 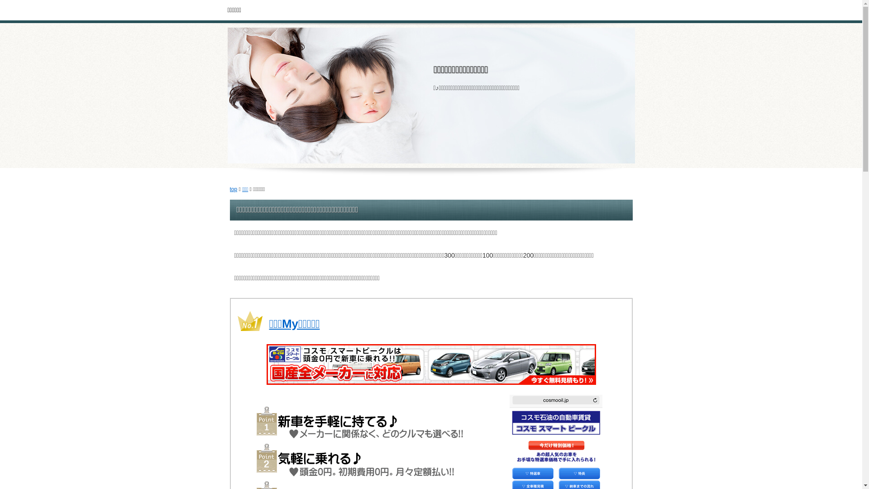 What do you see at coordinates (234, 188) in the screenshot?
I see `'top'` at bounding box center [234, 188].